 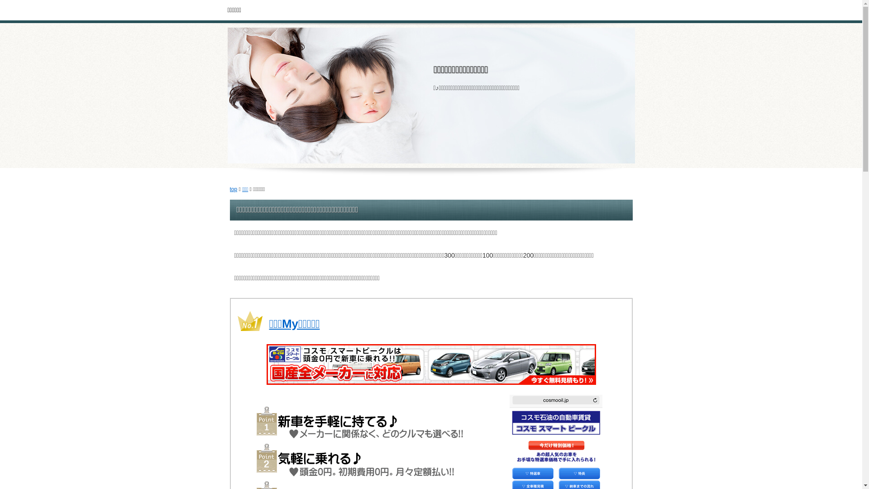 What do you see at coordinates (234, 188) in the screenshot?
I see `'top'` at bounding box center [234, 188].